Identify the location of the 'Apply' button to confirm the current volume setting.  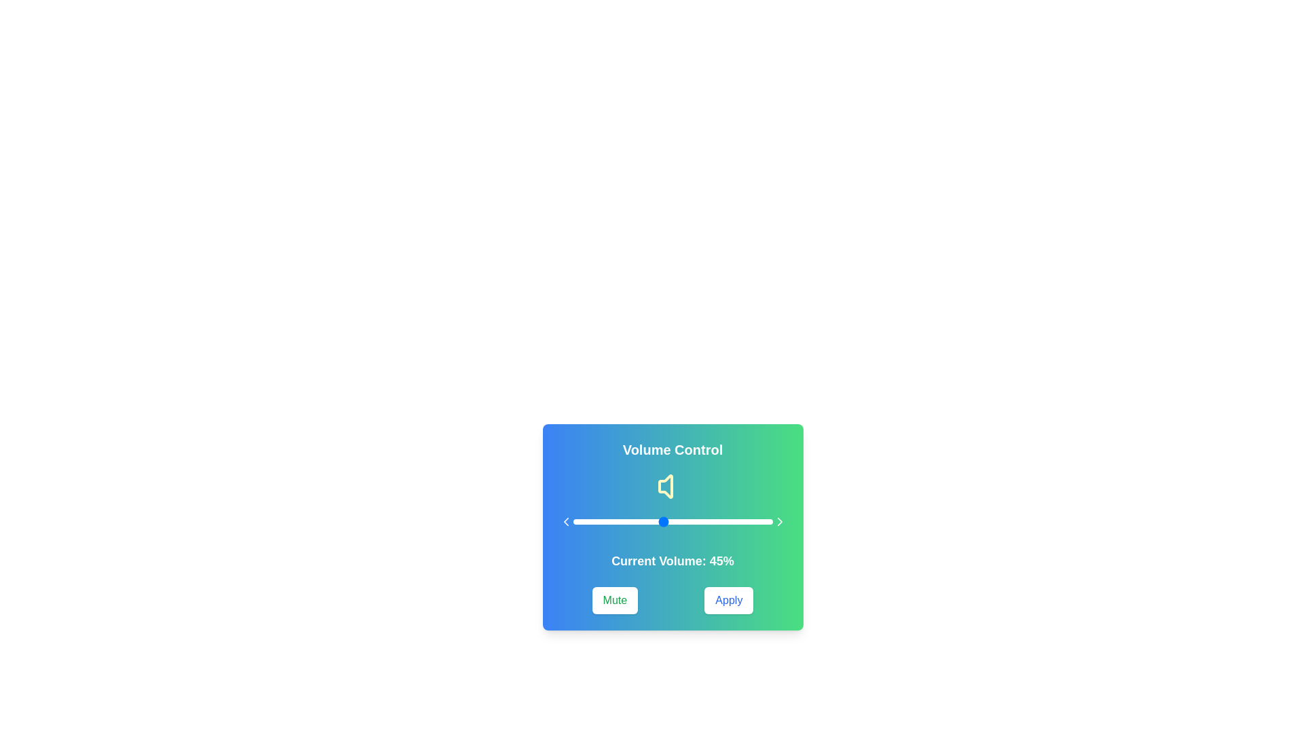
(728, 599).